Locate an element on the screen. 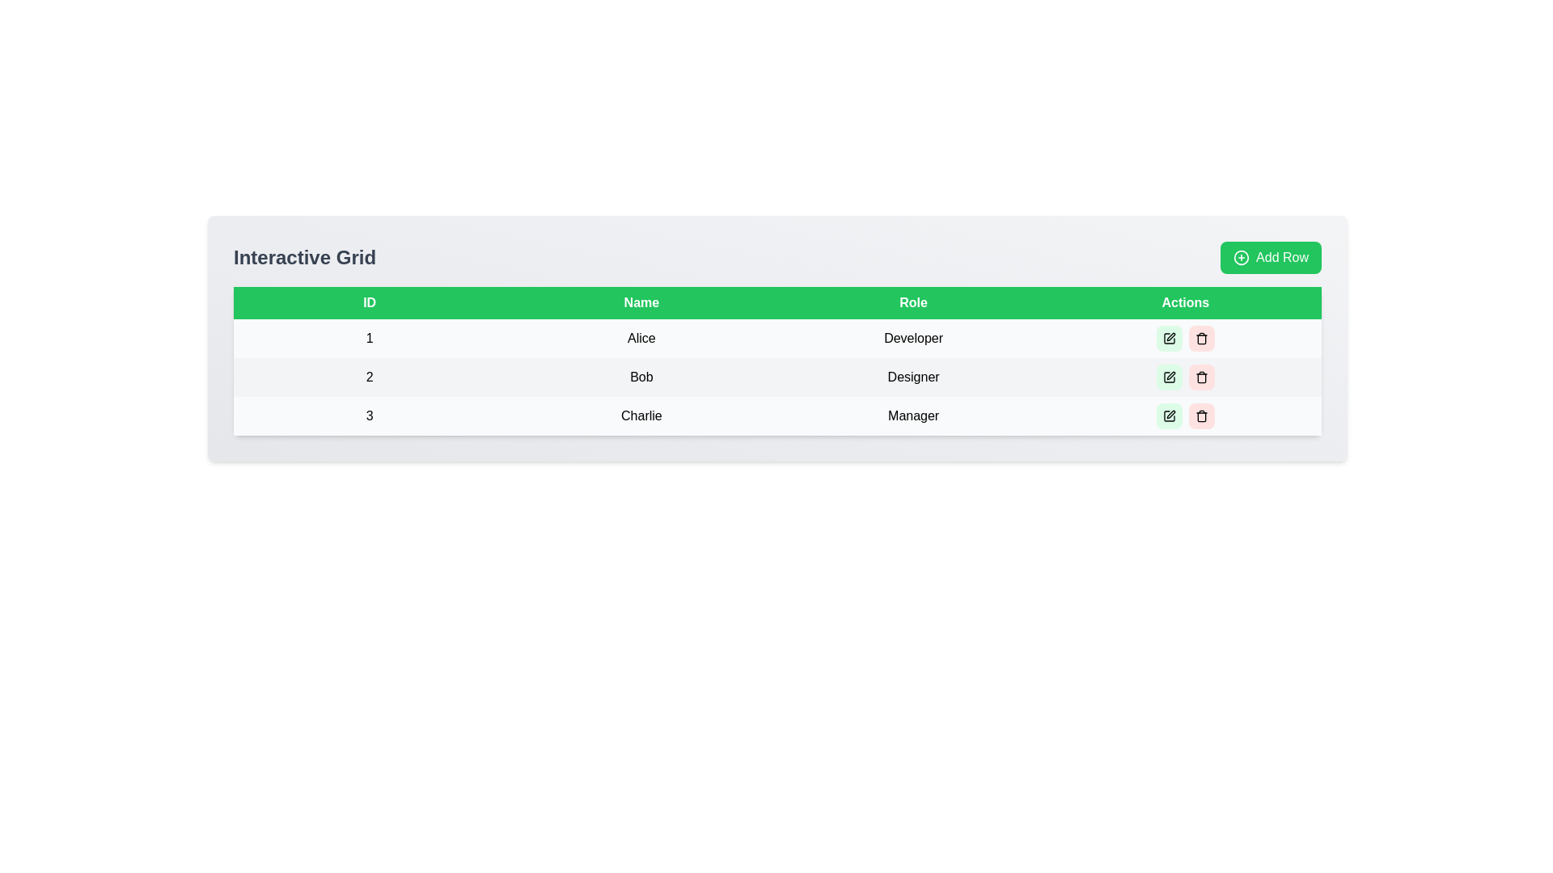 The height and width of the screenshot is (873, 1553). the Action icon (edit) in the 'Actions' column of the second row for 'Bob, Designer' to initiate editing is located at coordinates (1170, 376).